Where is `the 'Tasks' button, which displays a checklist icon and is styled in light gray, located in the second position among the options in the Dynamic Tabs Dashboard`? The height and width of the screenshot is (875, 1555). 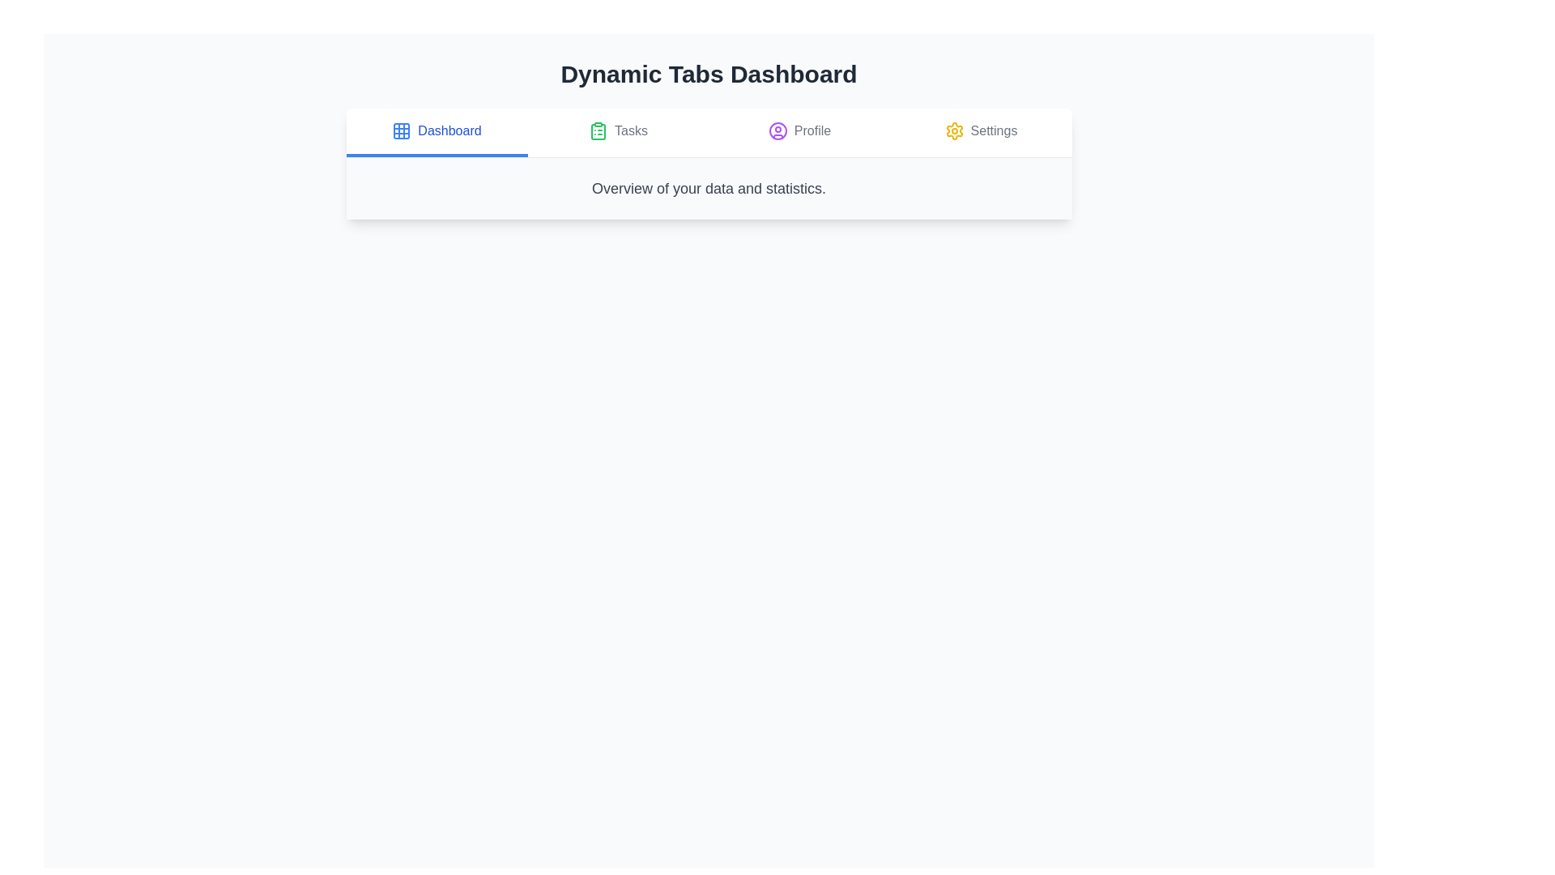
the 'Tasks' button, which displays a checklist icon and is styled in light gray, located in the second position among the options in the Dynamic Tabs Dashboard is located at coordinates (617, 132).